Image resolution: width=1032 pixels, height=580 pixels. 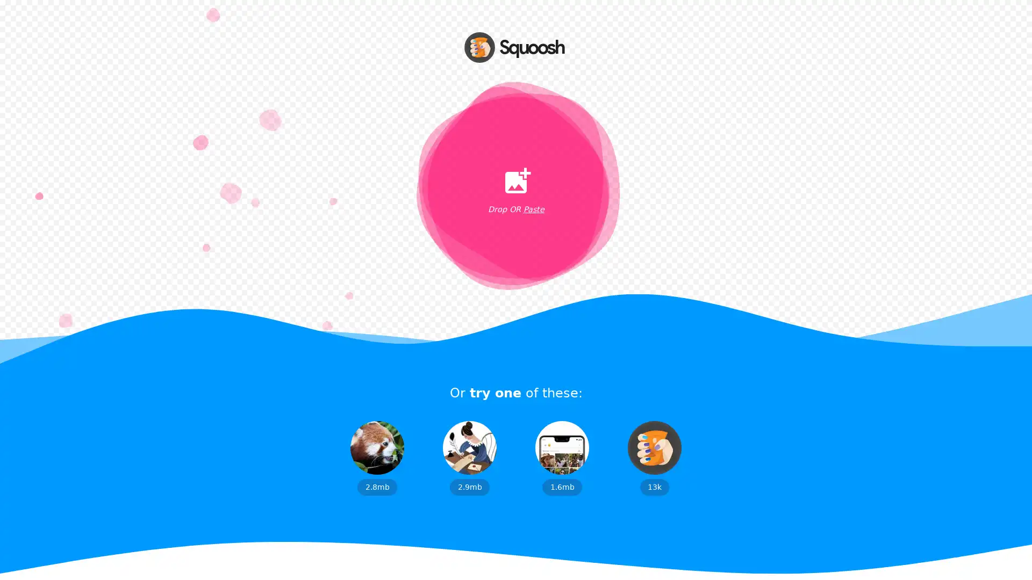 I want to click on Artwork 2.9mb, so click(x=469, y=458).